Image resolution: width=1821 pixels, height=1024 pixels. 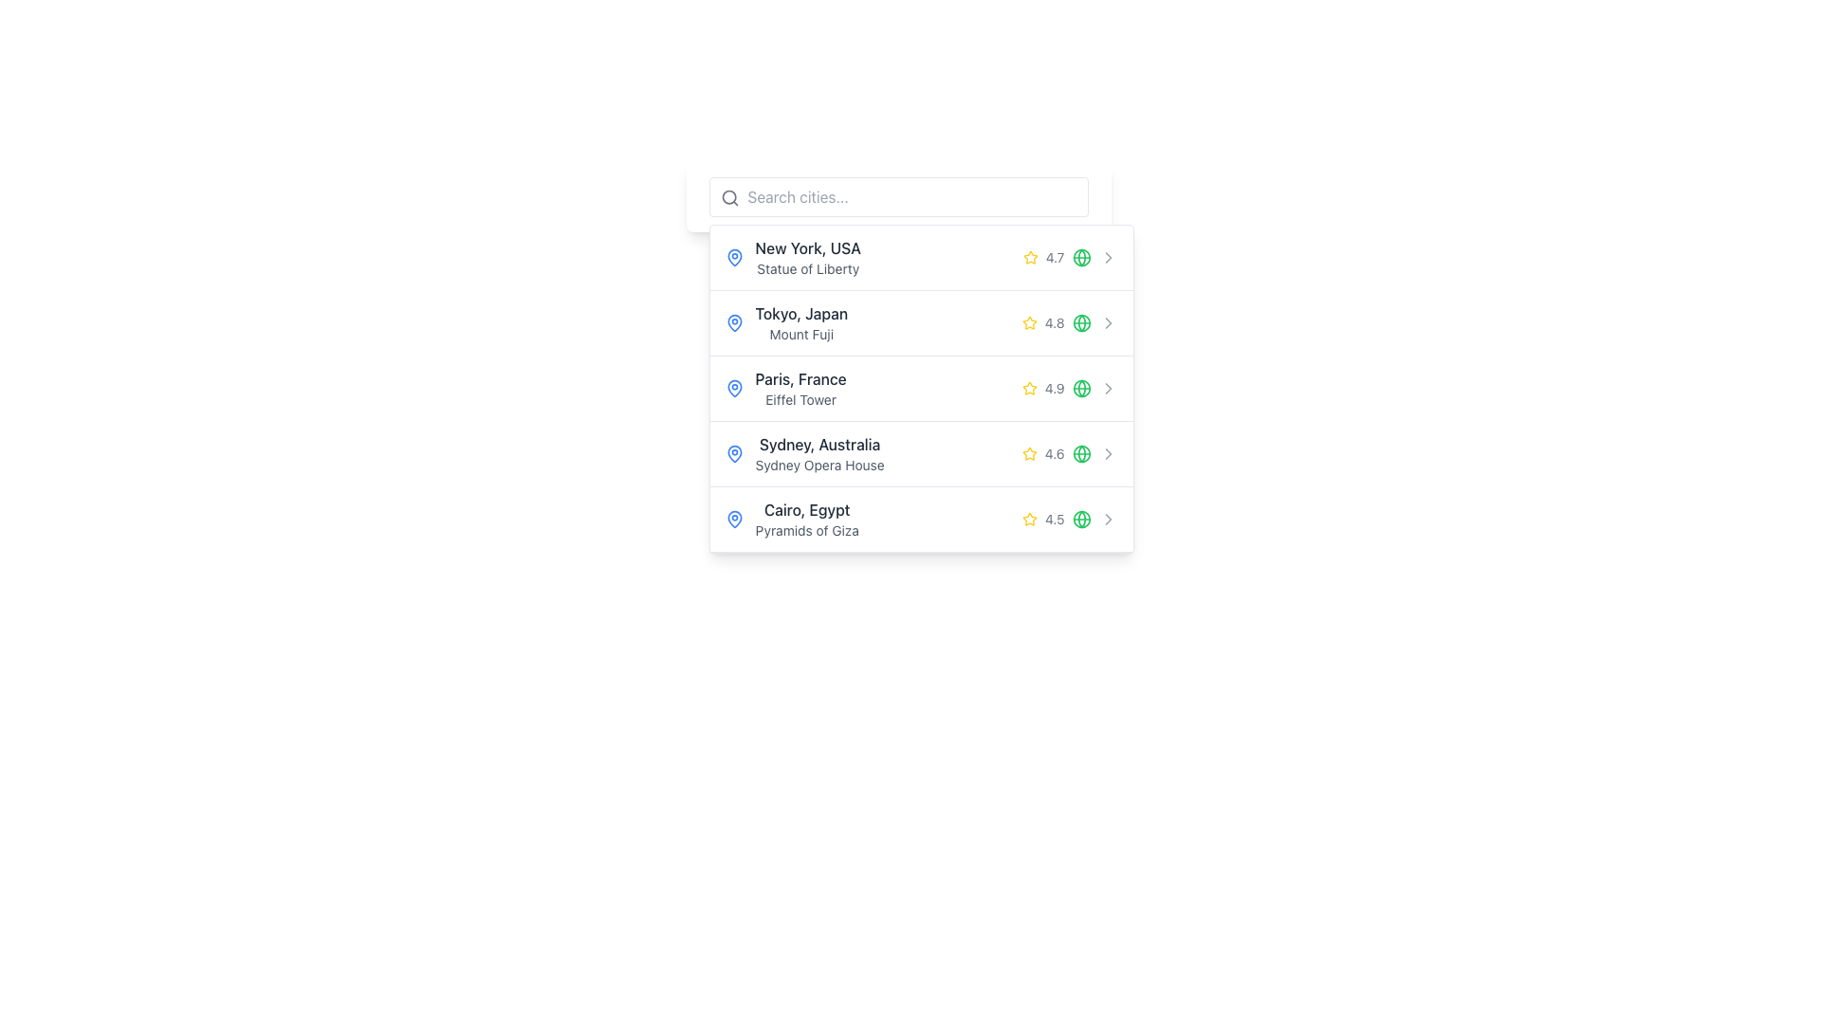 I want to click on the third list item that provides information about 'Paris, France' and the Eiffel Tower, so click(x=921, y=388).